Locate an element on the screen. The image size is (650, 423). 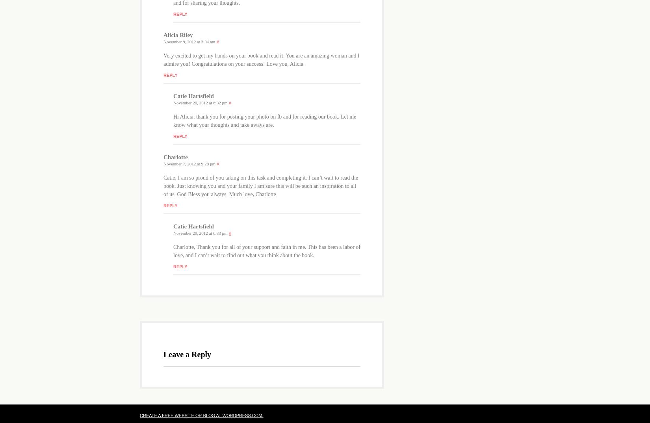
'Create a free website or blog at WordPress.com.' is located at coordinates (201, 415).